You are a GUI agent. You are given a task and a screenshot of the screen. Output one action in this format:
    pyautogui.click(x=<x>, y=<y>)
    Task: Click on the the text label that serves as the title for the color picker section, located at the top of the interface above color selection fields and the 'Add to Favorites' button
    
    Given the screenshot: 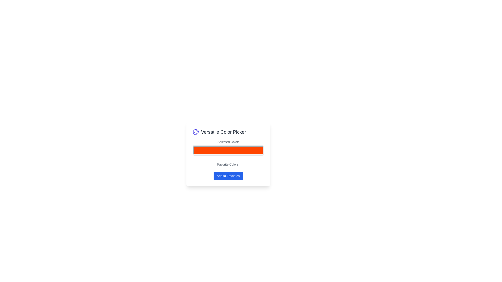 What is the action you would take?
    pyautogui.click(x=228, y=132)
    